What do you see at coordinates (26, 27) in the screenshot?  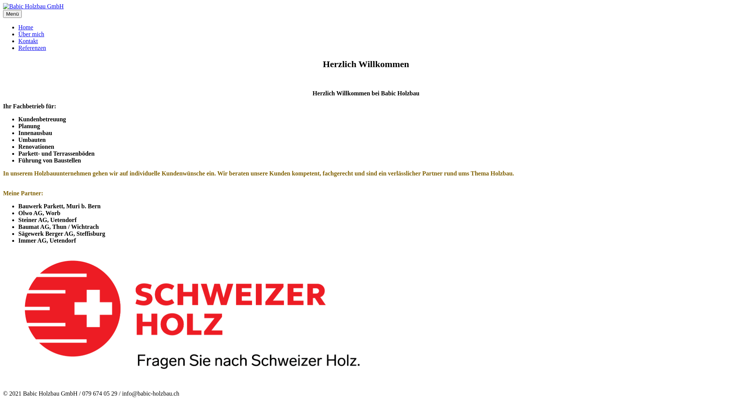 I see `'Home'` at bounding box center [26, 27].